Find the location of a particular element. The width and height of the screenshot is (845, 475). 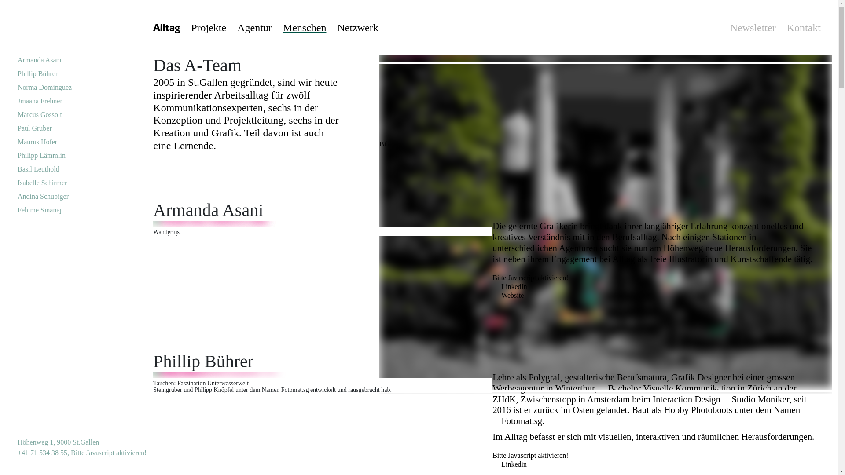

'LinkedIn' is located at coordinates (510, 286).